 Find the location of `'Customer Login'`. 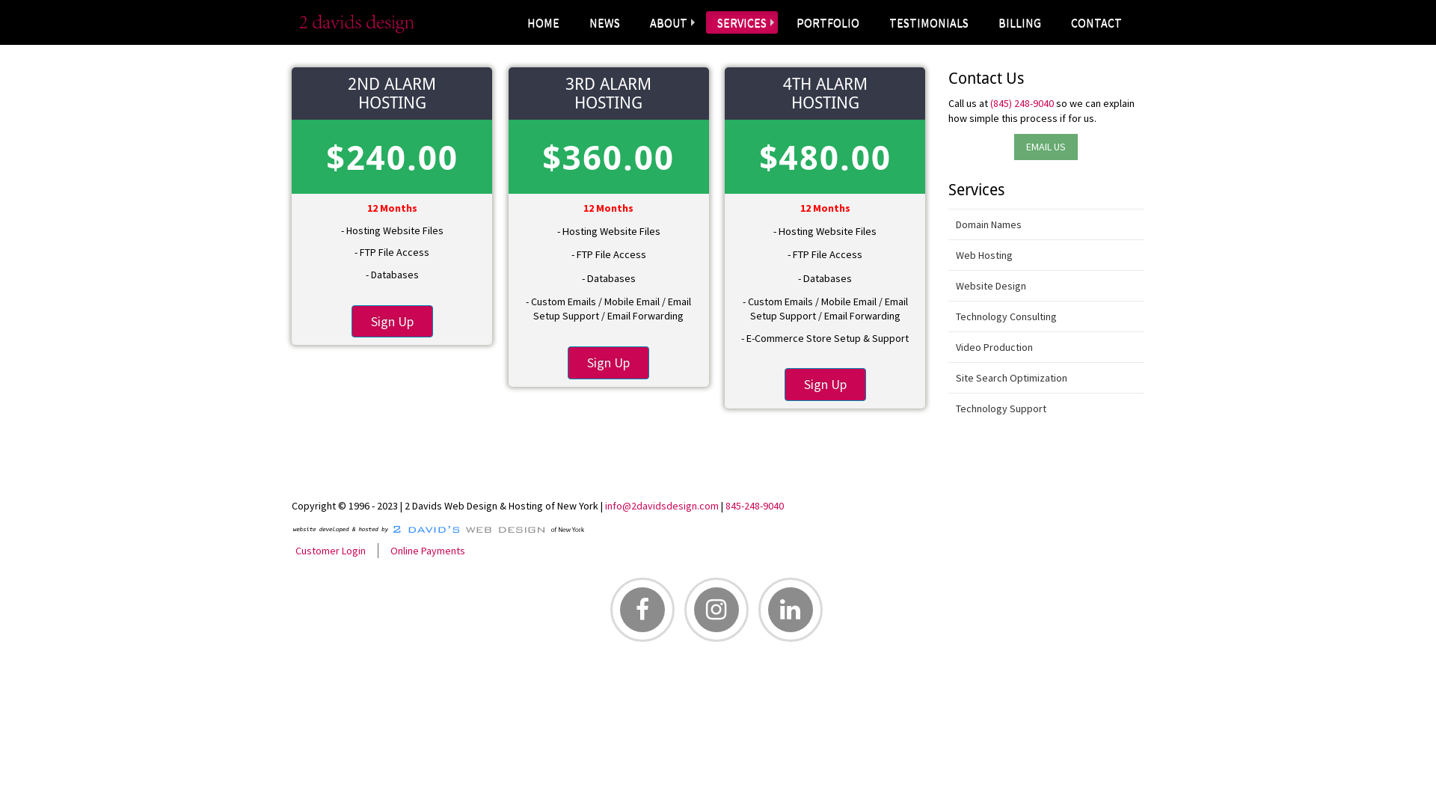

'Customer Login' is located at coordinates (291, 551).